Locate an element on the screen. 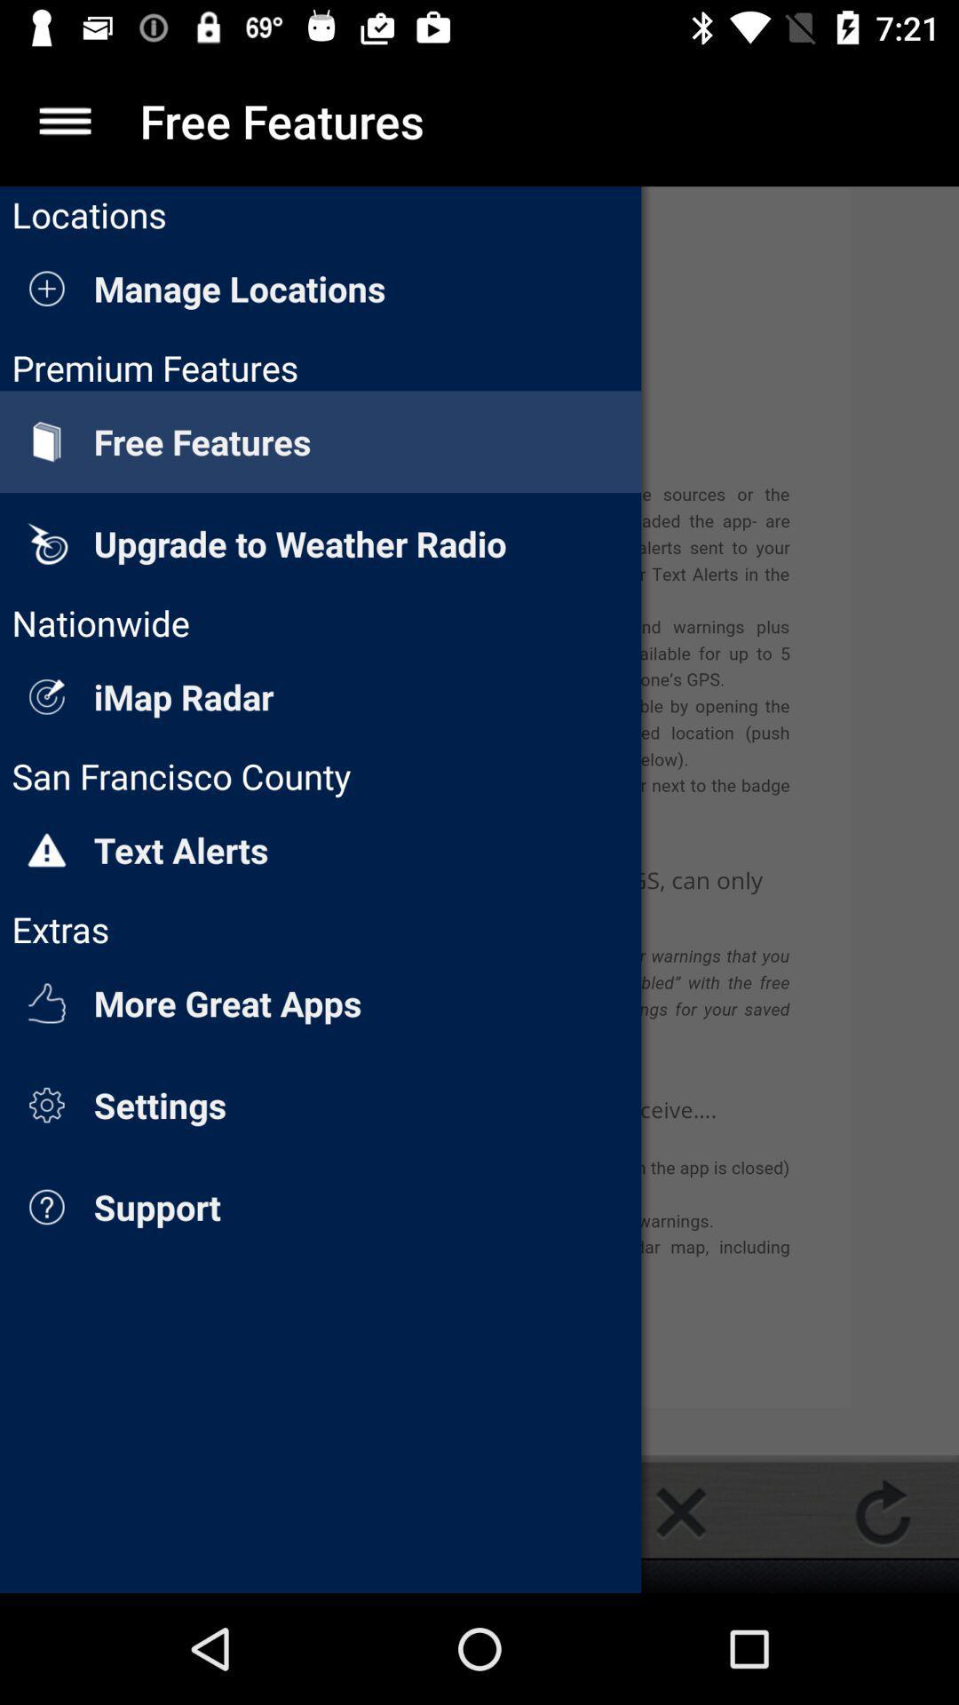 The image size is (959, 1705). menu options is located at coordinates (64, 120).